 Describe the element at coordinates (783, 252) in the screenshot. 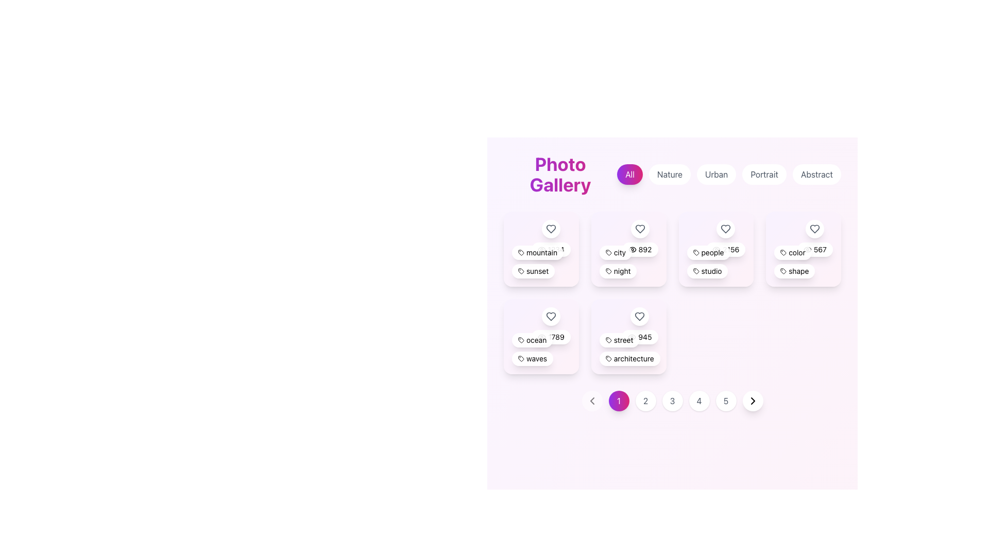

I see `the 'color' button which contains a small tag-shaped icon with a white background and black outline, positioned within a grid of similar items` at that location.